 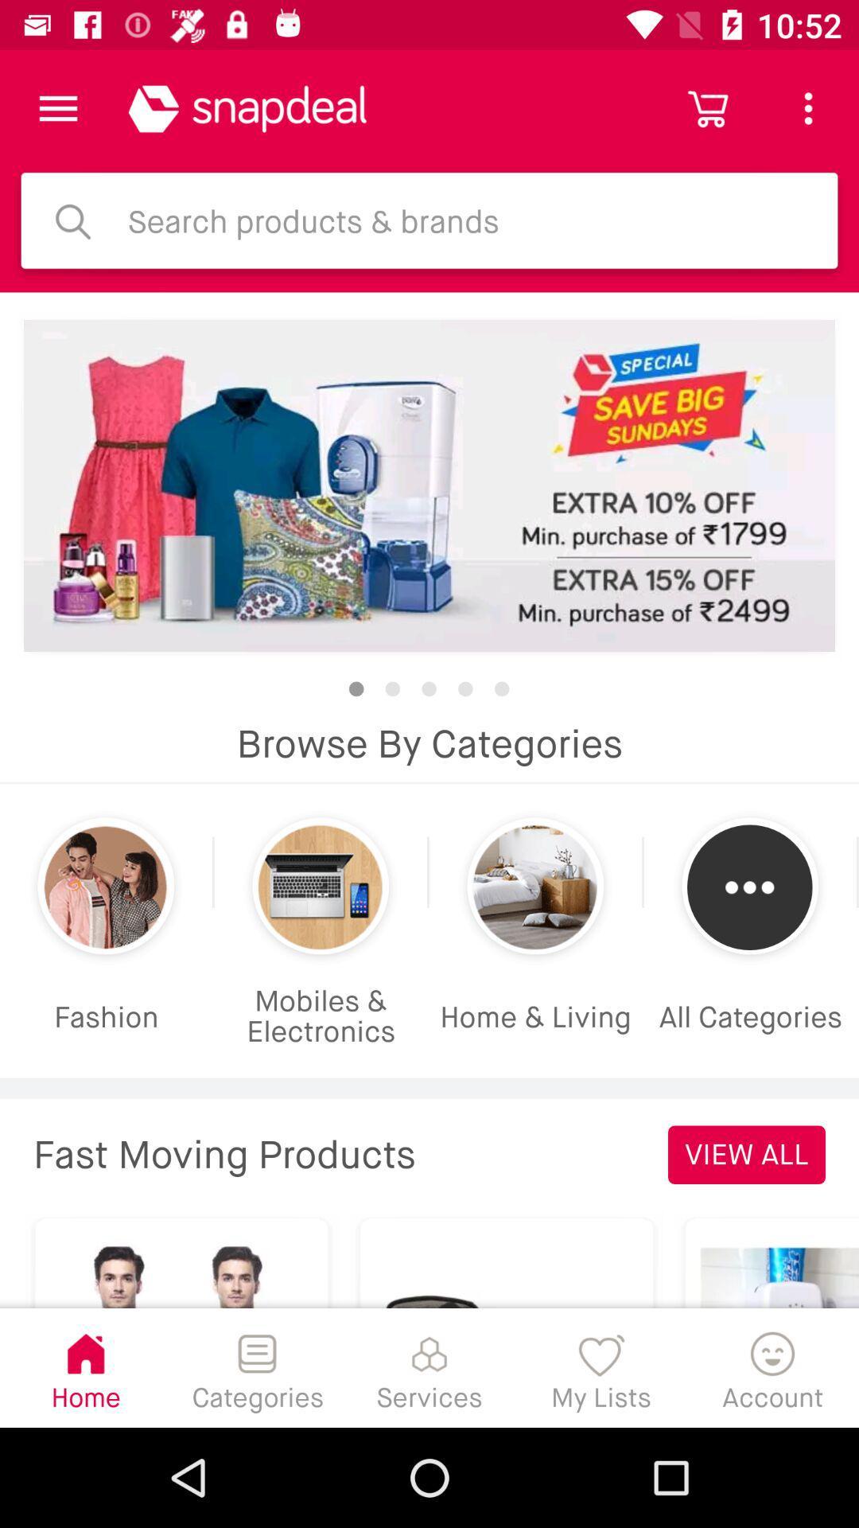 I want to click on the account icon, so click(x=772, y=1366).